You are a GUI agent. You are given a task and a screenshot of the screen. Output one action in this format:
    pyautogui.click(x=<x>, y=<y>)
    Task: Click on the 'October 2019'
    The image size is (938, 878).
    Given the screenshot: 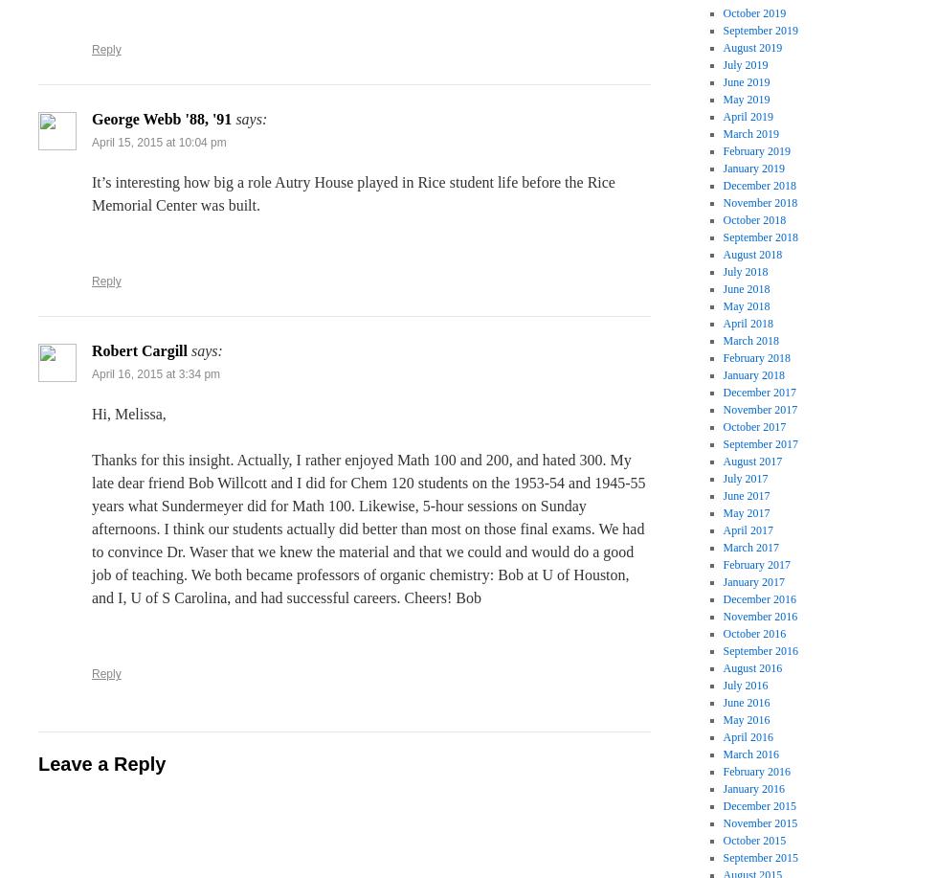 What is the action you would take?
    pyautogui.click(x=754, y=13)
    